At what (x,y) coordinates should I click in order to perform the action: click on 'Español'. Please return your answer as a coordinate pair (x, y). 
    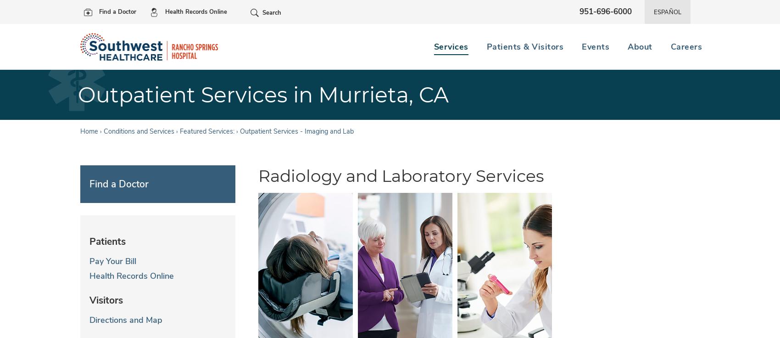
    Looking at the image, I should click on (667, 11).